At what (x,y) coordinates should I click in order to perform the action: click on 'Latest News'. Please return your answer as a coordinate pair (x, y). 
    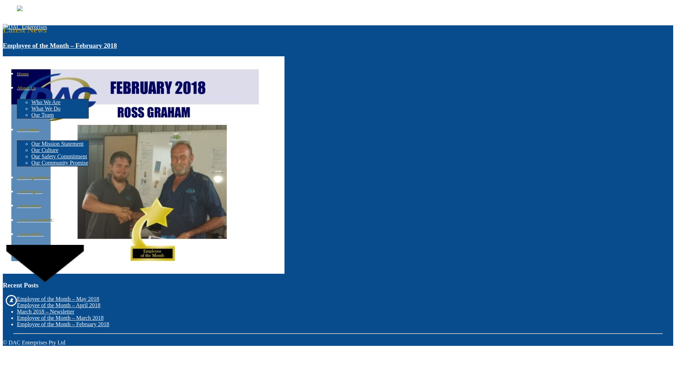
    Looking at the image, I should click on (52, 206).